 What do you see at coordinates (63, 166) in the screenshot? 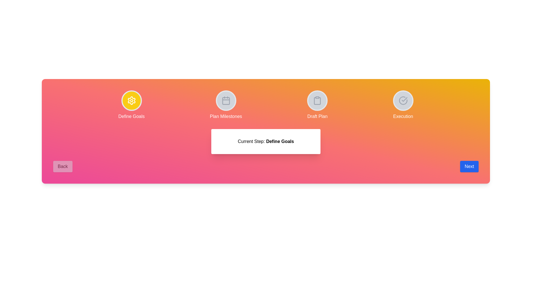
I see `the disabled 'Back' button to observe its behavior` at bounding box center [63, 166].